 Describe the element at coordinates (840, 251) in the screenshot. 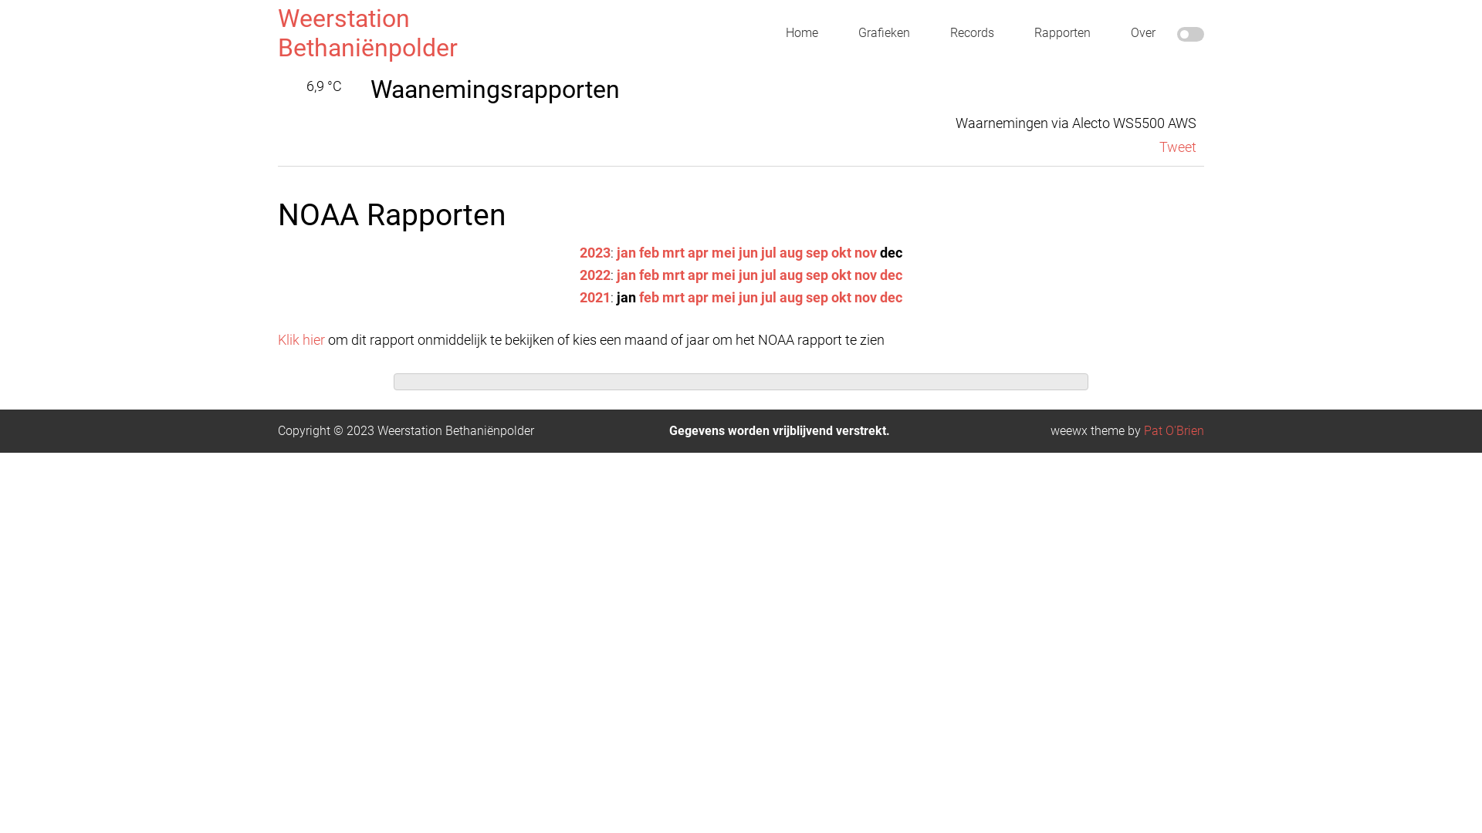

I see `'okt'` at that location.